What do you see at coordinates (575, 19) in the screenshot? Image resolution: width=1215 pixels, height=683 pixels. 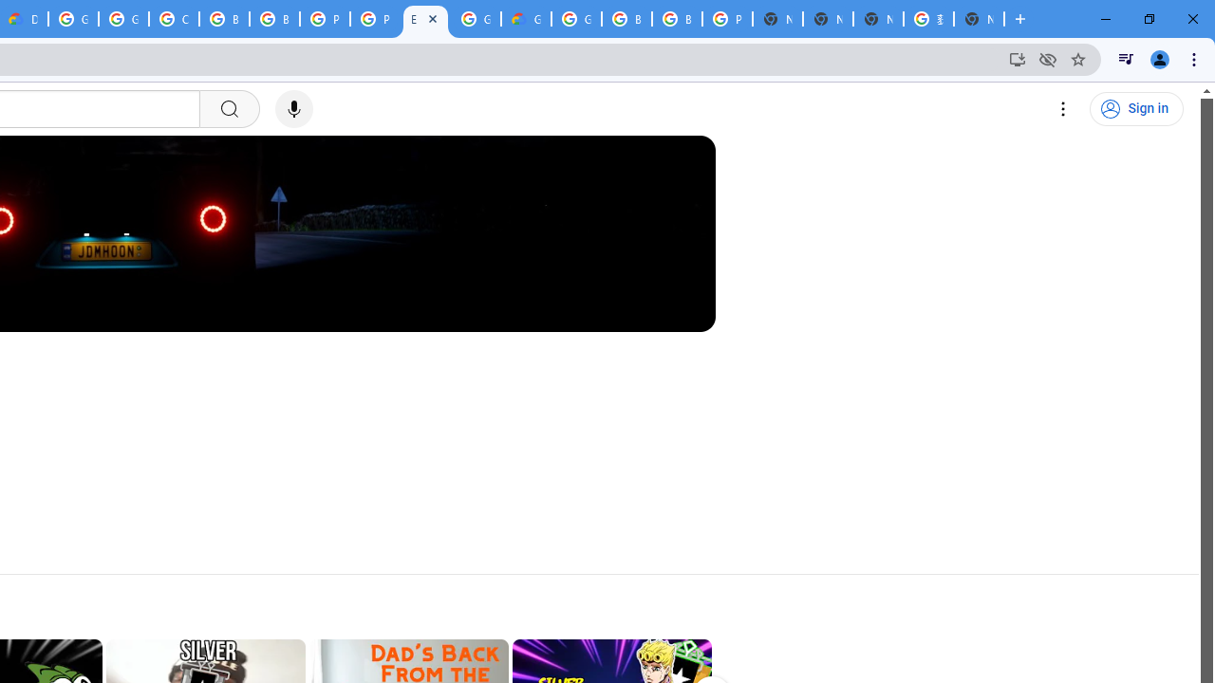 I see `'Google Cloud Platform'` at bounding box center [575, 19].